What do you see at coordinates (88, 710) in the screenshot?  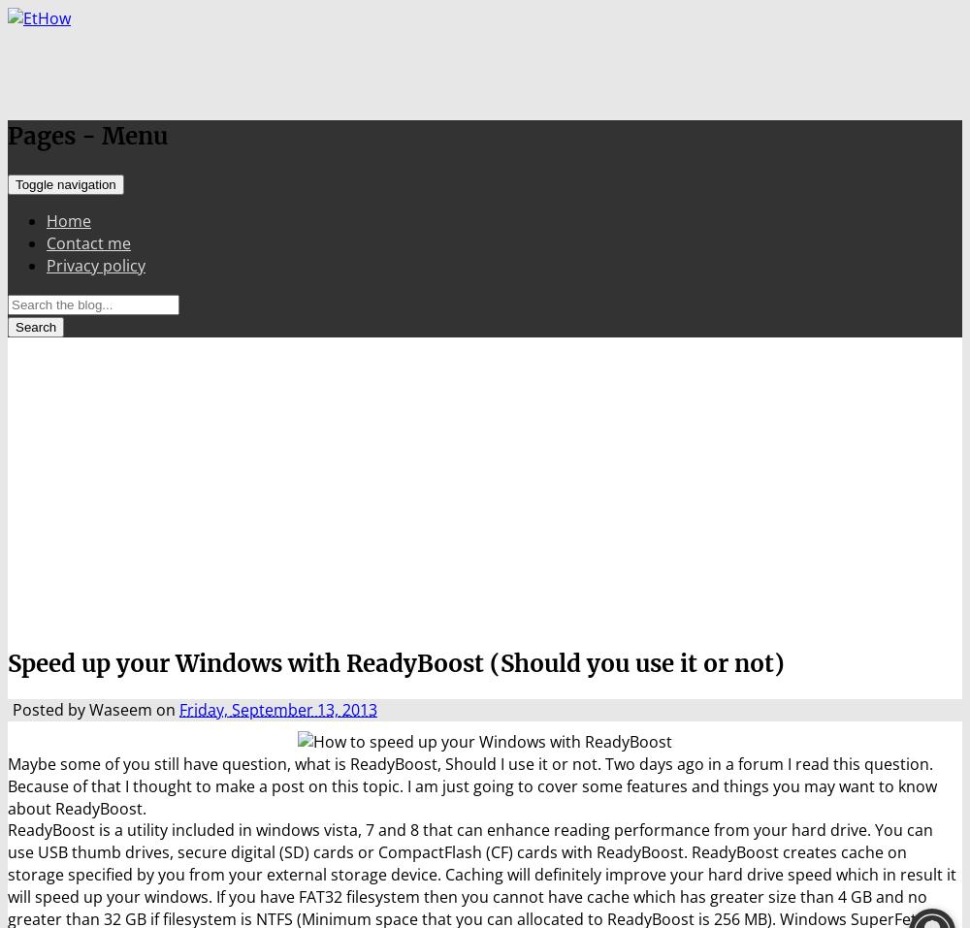 I see `'Waseem'` at bounding box center [88, 710].